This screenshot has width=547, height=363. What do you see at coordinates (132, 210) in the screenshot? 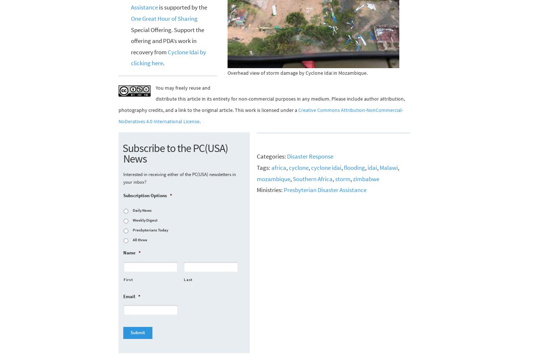
I see `'Daily News'` at bounding box center [132, 210].